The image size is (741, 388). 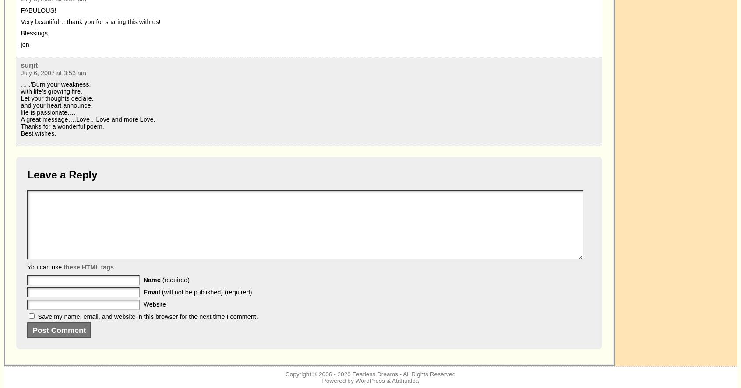 What do you see at coordinates (152, 280) in the screenshot?
I see `'Name'` at bounding box center [152, 280].